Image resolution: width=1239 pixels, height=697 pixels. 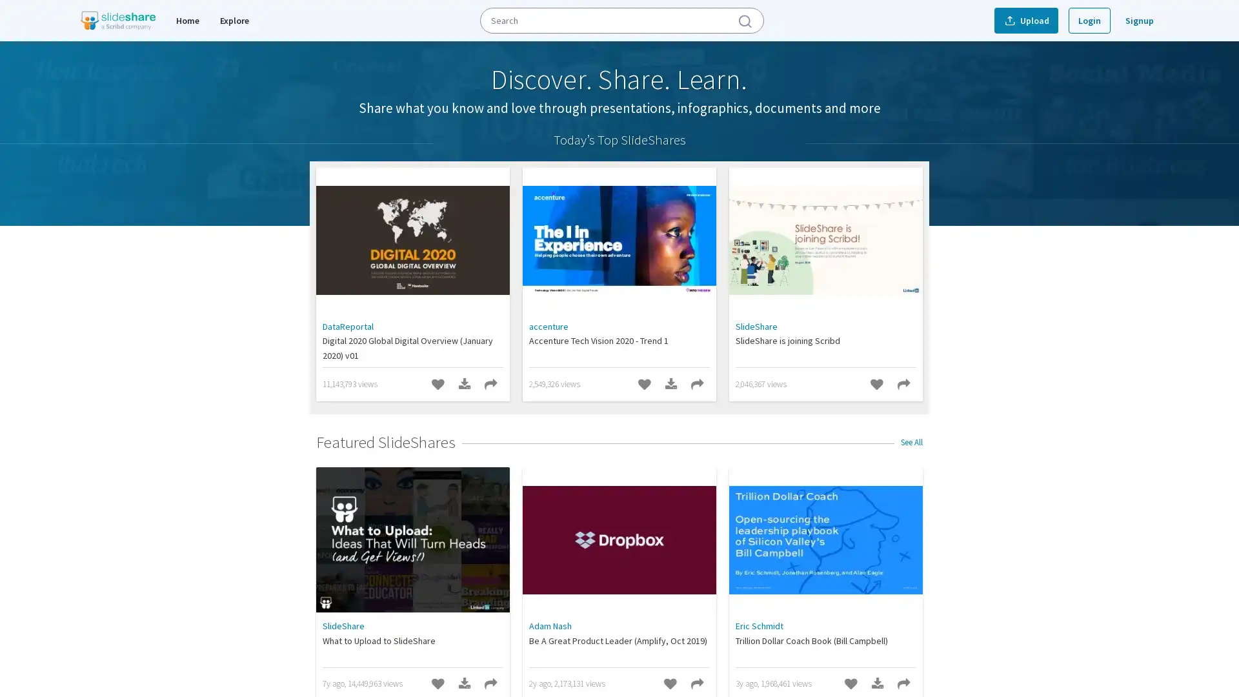 I want to click on Share Trillion Dollar Coach Book (Bill Campbell) SlideShare., so click(x=903, y=683).